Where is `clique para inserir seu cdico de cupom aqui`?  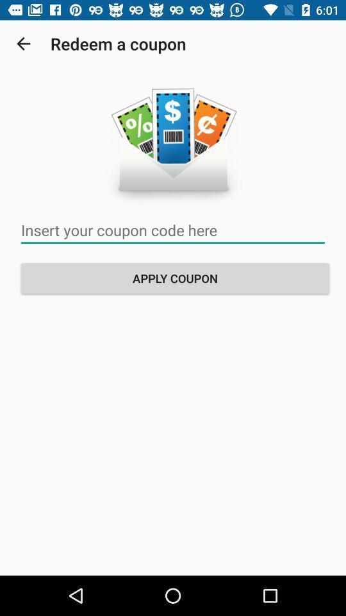
clique para inserir seu cdico de cupom aqui is located at coordinates (173, 230).